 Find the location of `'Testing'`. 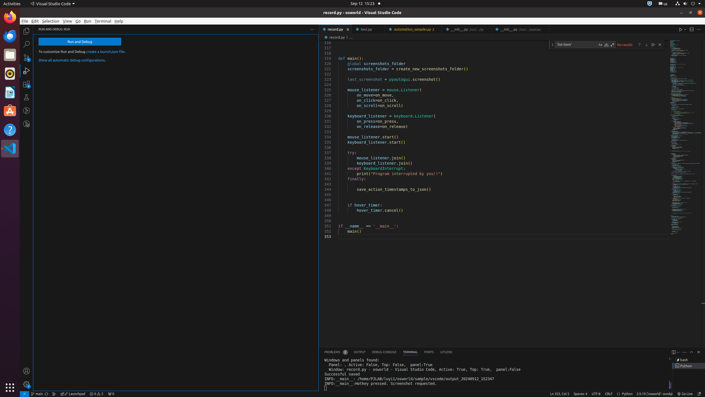

'Testing' is located at coordinates (26, 97).